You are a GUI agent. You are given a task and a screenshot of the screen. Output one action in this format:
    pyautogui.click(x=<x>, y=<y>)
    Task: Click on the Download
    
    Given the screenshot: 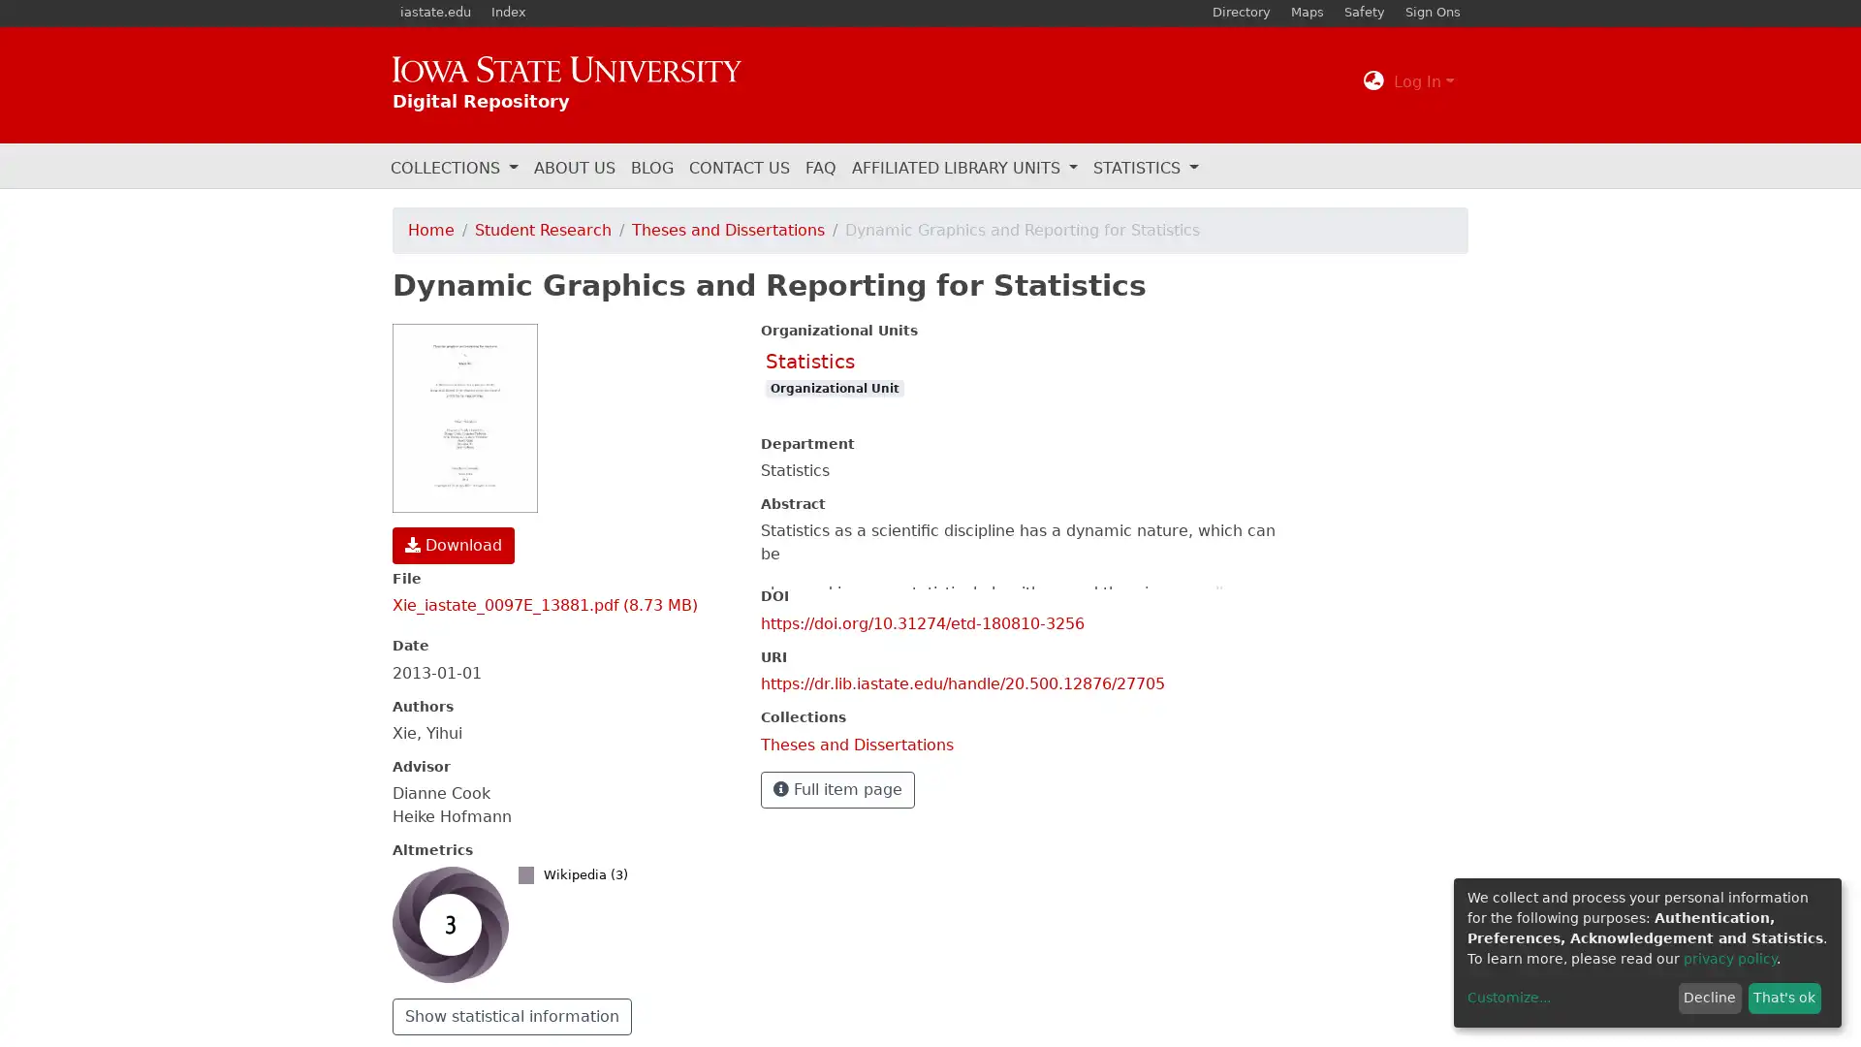 What is the action you would take?
    pyautogui.click(x=452, y=545)
    